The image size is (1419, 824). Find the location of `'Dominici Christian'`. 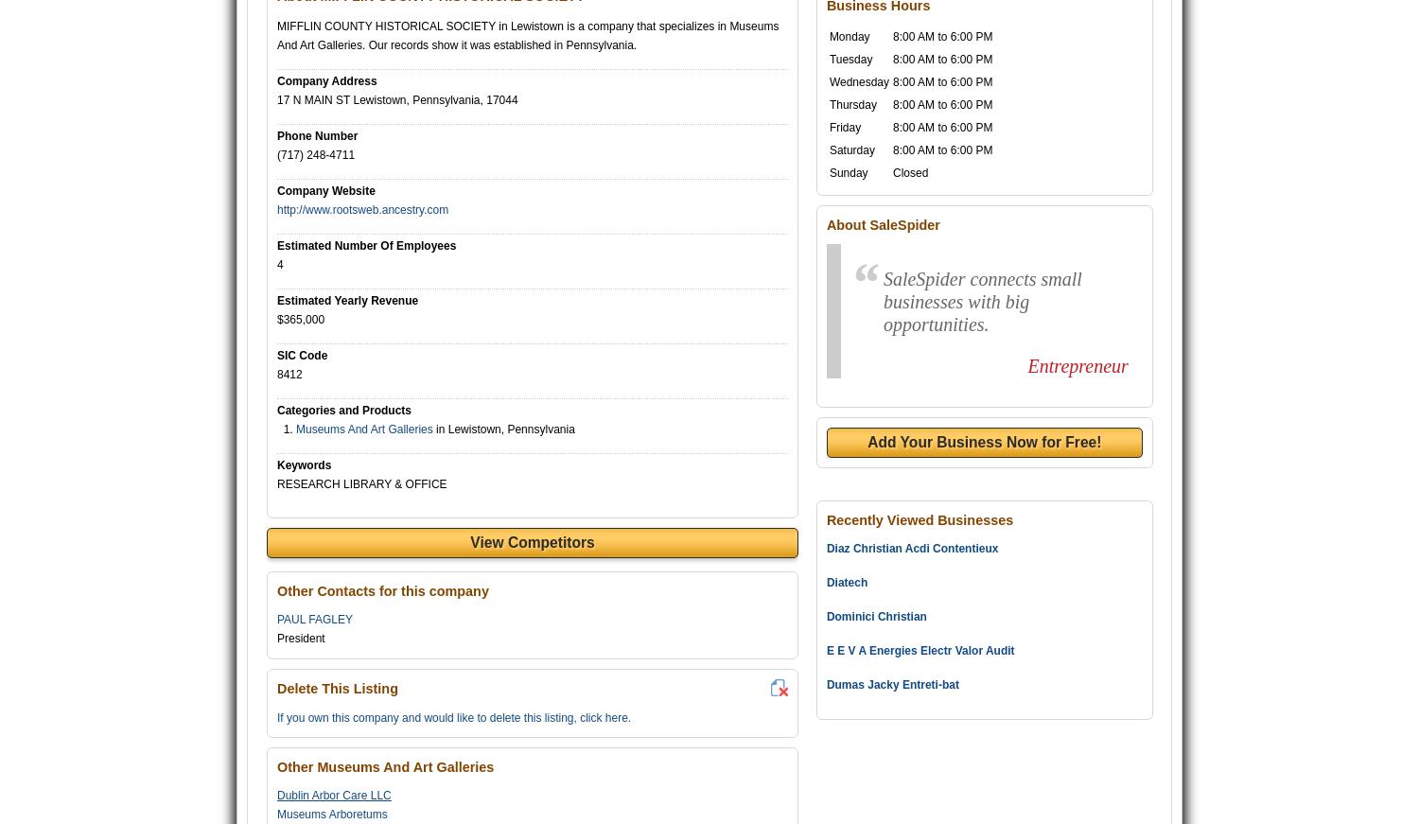

'Dominici Christian' is located at coordinates (875, 616).